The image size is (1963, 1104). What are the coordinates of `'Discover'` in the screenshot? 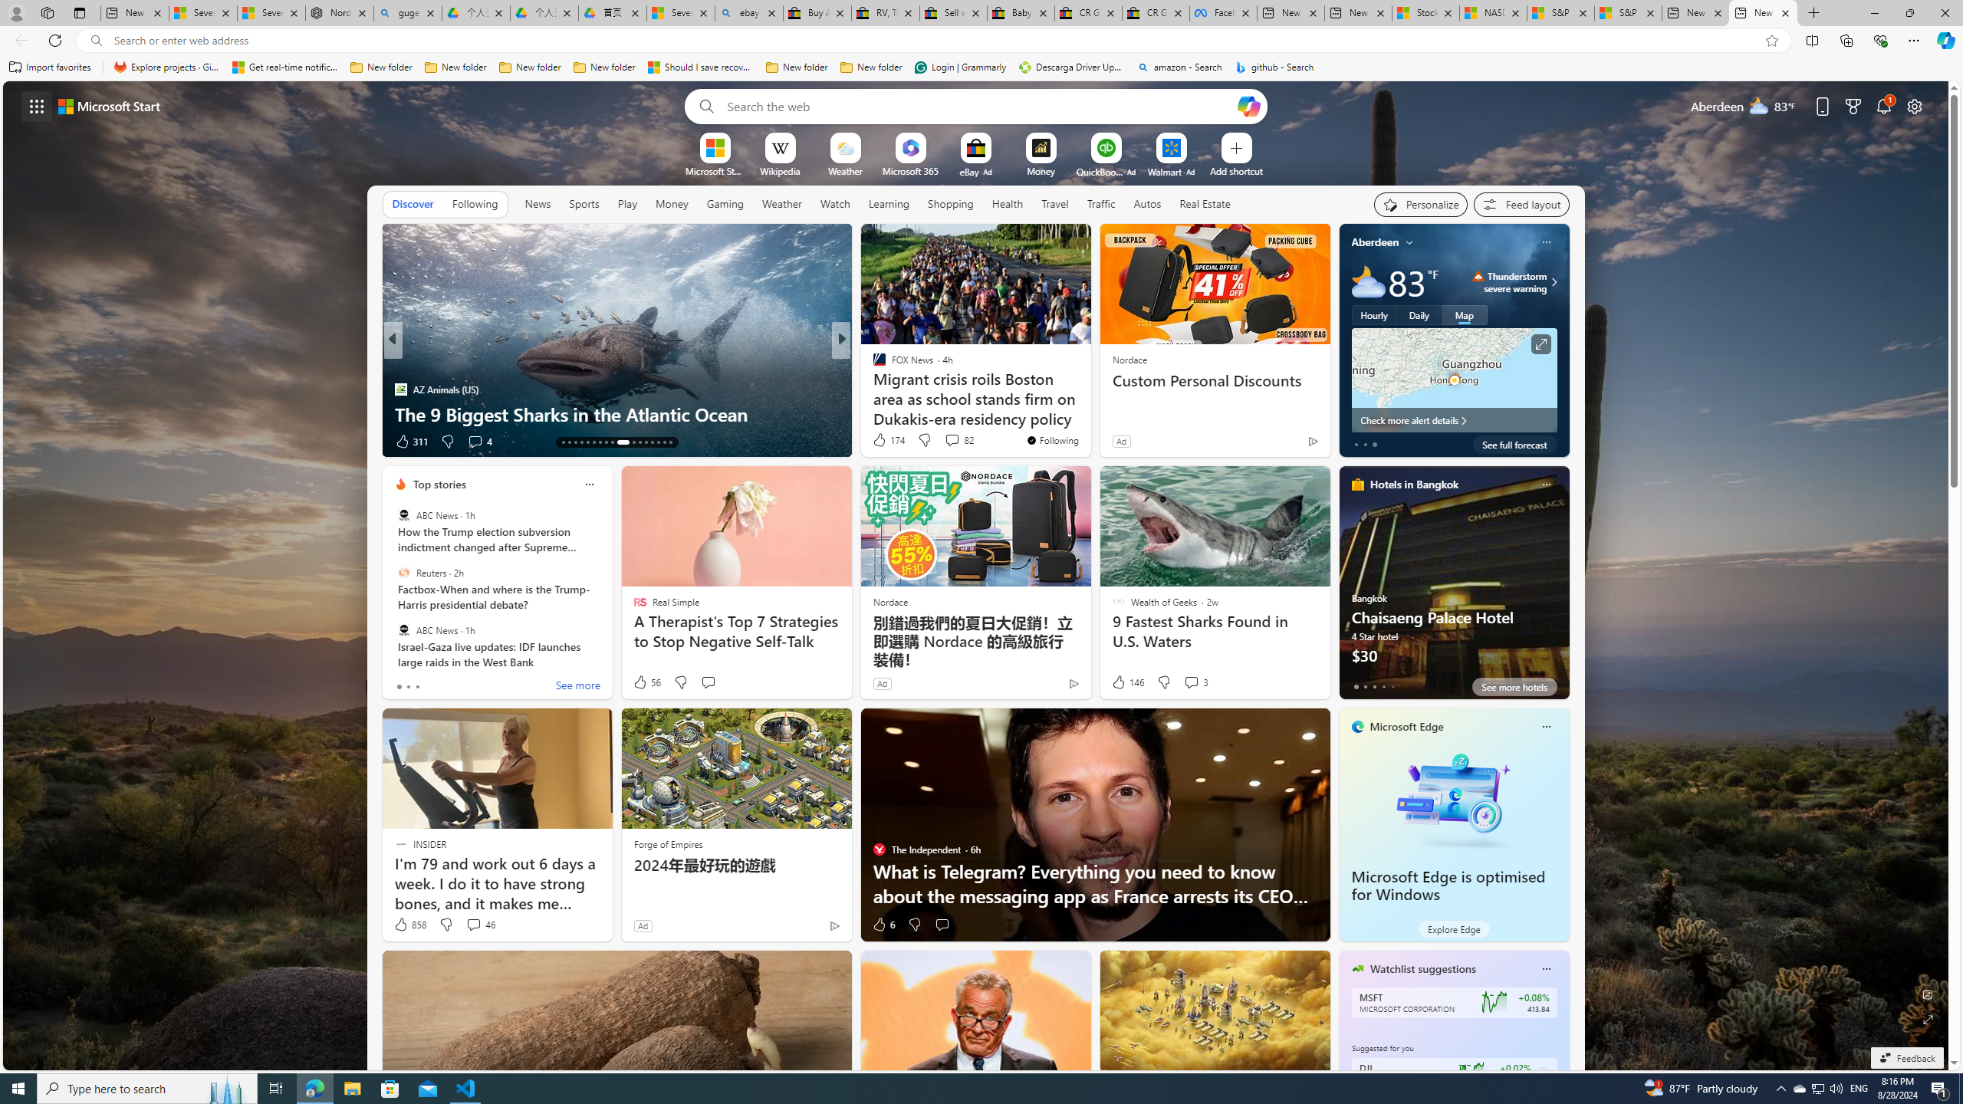 It's located at (413, 202).